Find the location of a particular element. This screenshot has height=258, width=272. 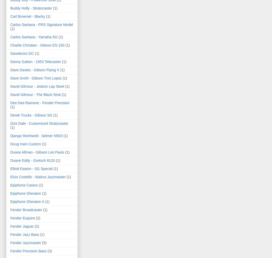

'Duane Allman - Gibson Les Pauls' is located at coordinates (37, 152).